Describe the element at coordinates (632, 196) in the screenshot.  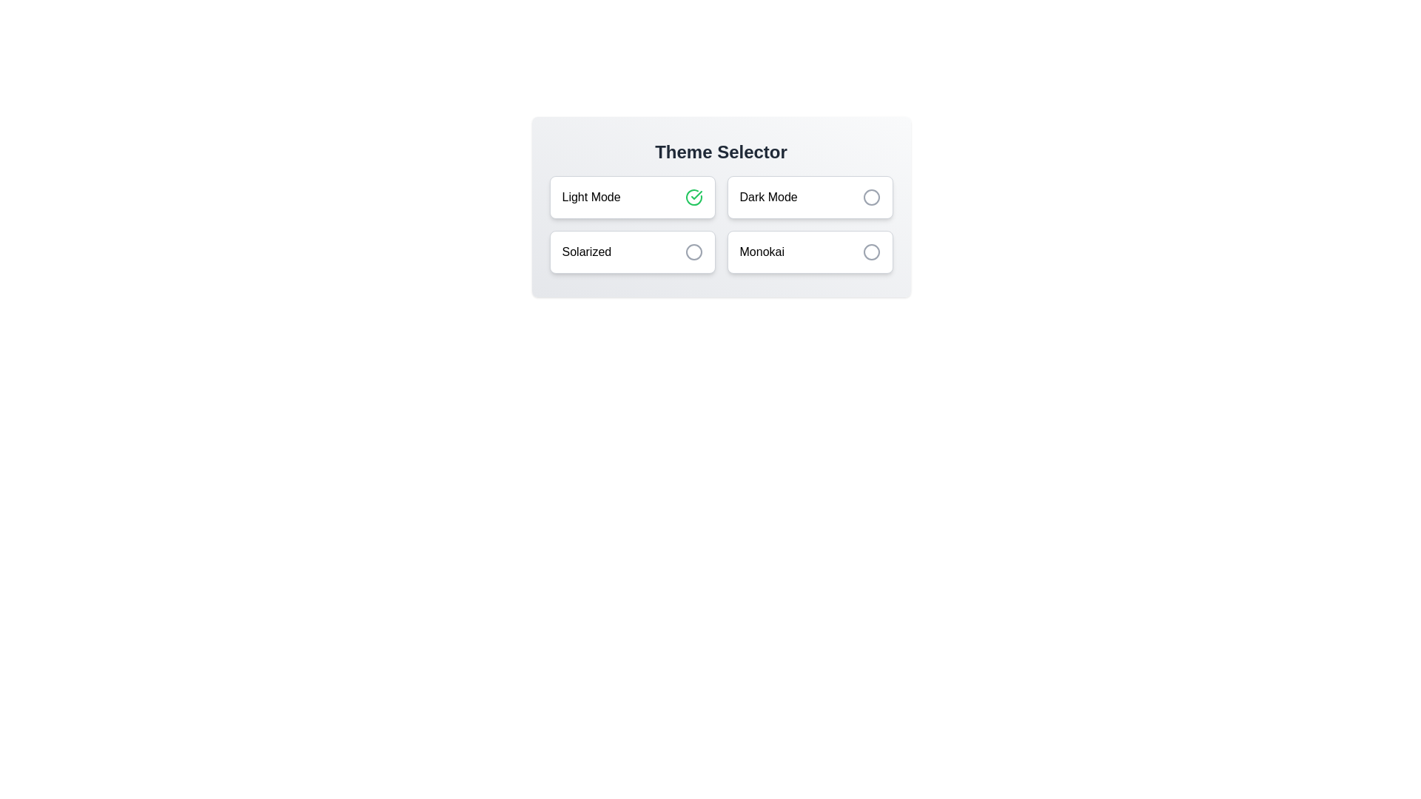
I see `the button corresponding to the theme Light Mode` at that location.